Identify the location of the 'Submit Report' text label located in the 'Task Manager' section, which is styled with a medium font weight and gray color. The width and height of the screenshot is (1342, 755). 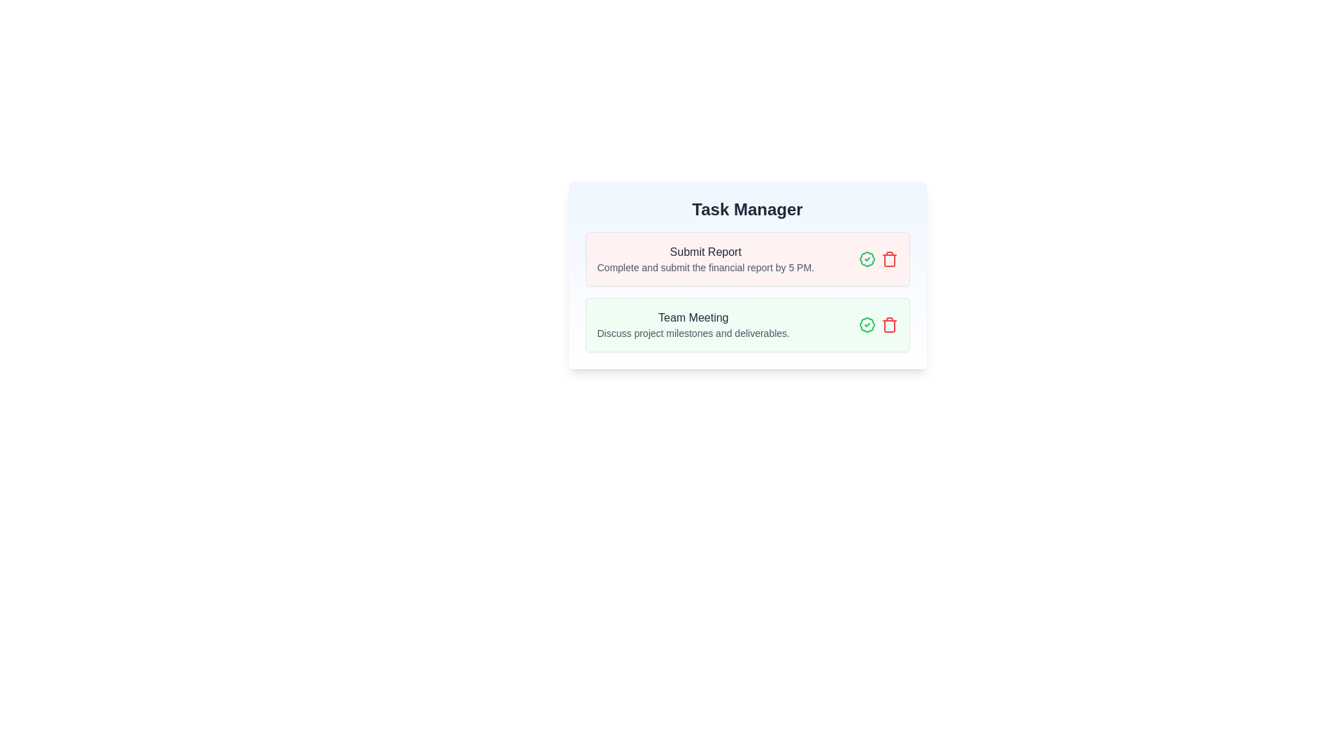
(705, 252).